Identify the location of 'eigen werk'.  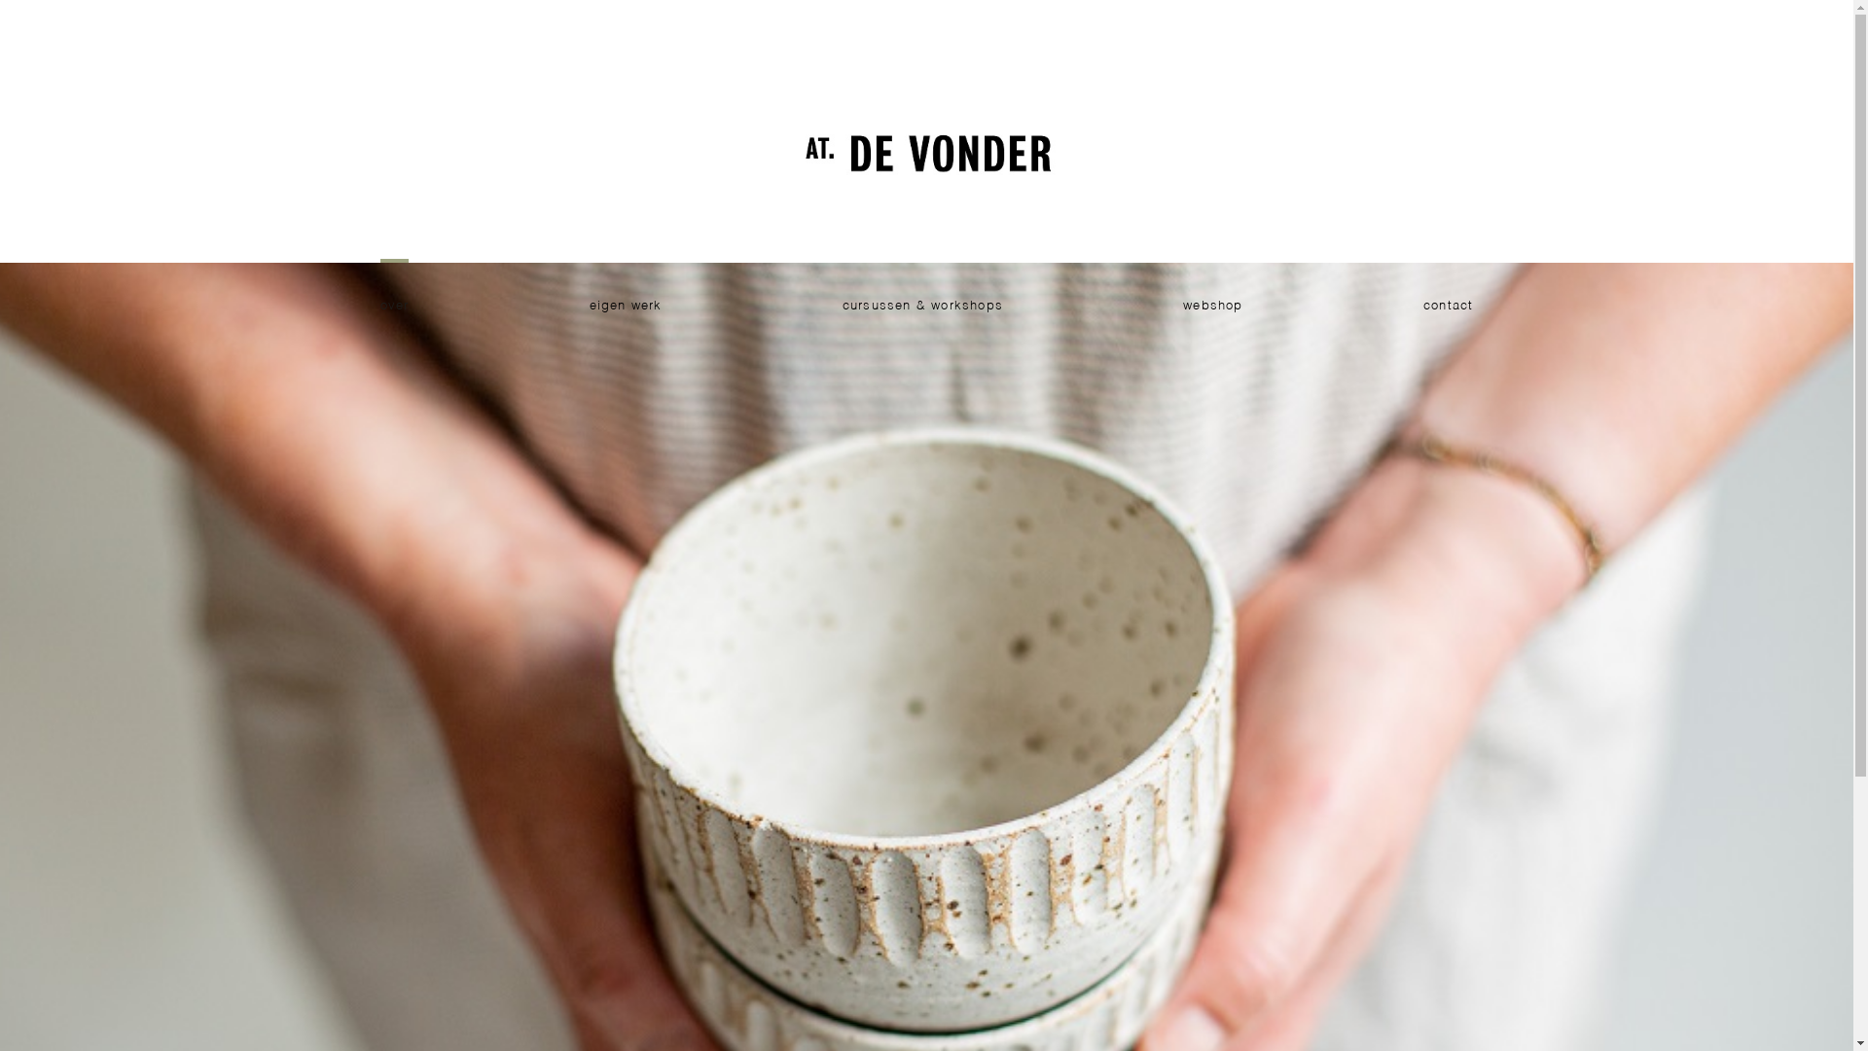
(626, 307).